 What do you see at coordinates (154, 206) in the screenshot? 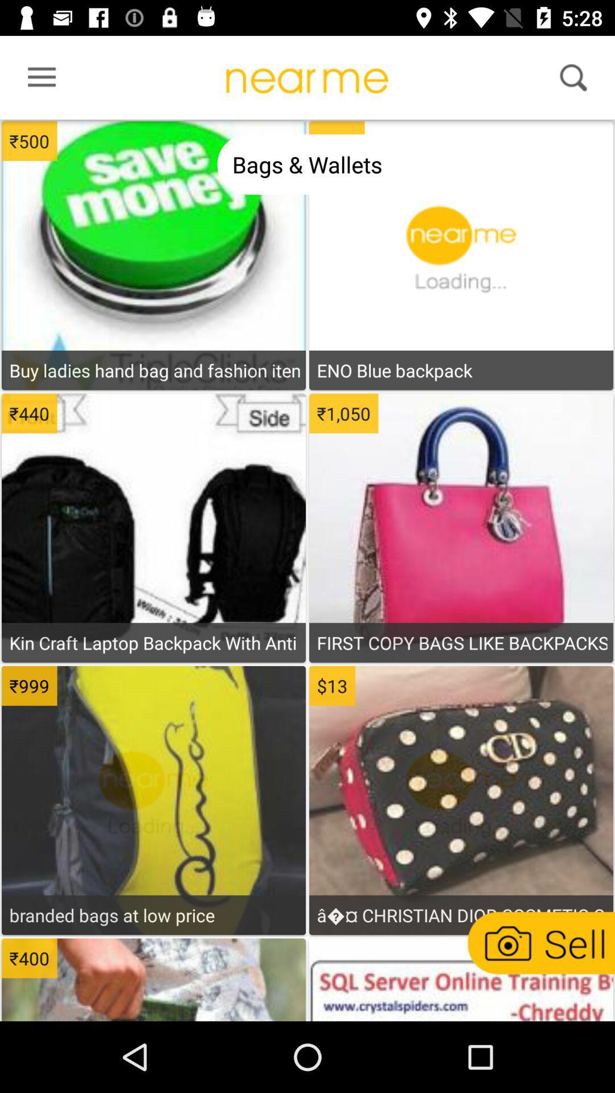
I see `click green save money` at bounding box center [154, 206].